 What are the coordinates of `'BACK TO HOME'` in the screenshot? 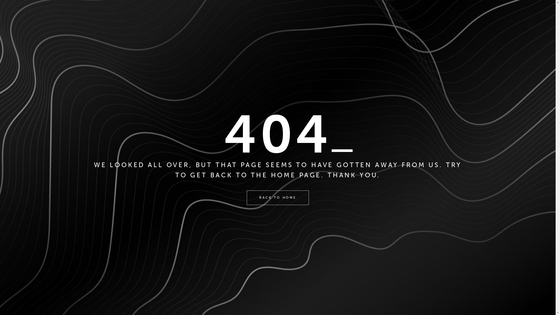 It's located at (277, 197).